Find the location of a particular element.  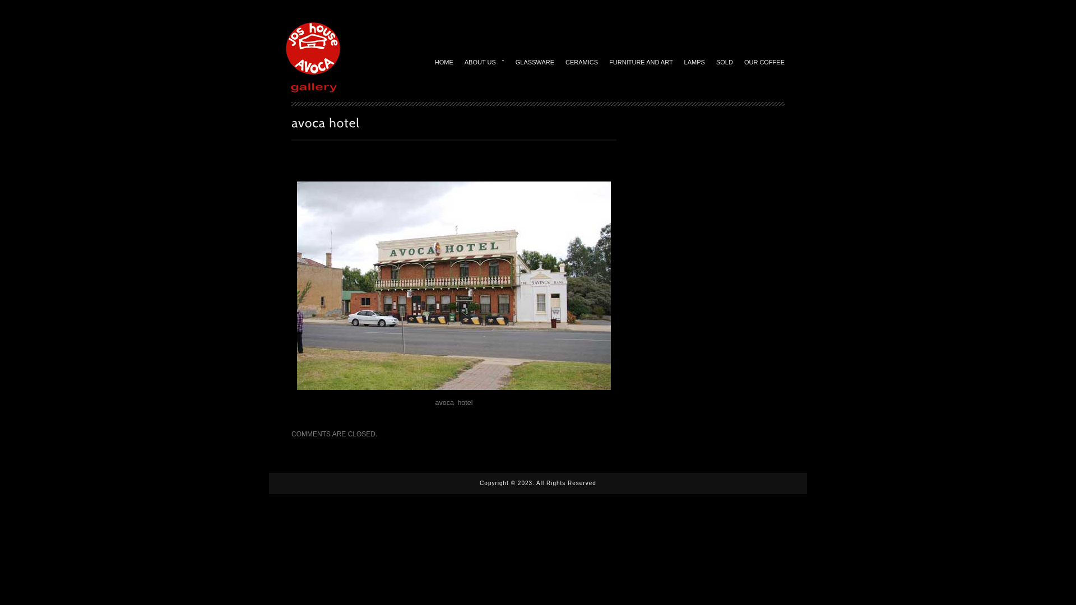

'CERAMICS' is located at coordinates (581, 61).